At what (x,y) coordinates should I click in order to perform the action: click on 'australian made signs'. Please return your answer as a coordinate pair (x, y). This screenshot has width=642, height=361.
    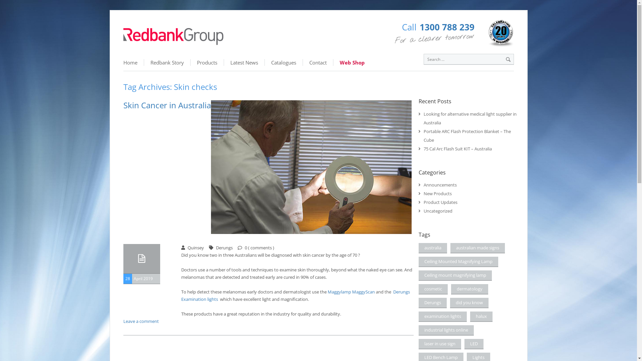
    Looking at the image, I should click on (450, 248).